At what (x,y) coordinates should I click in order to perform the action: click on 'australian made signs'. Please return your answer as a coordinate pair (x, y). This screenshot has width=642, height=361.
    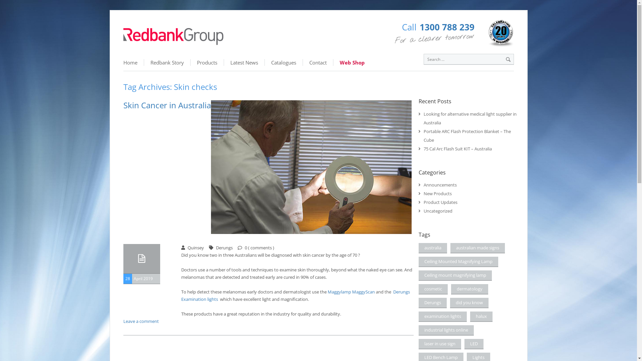
    Looking at the image, I should click on (450, 248).